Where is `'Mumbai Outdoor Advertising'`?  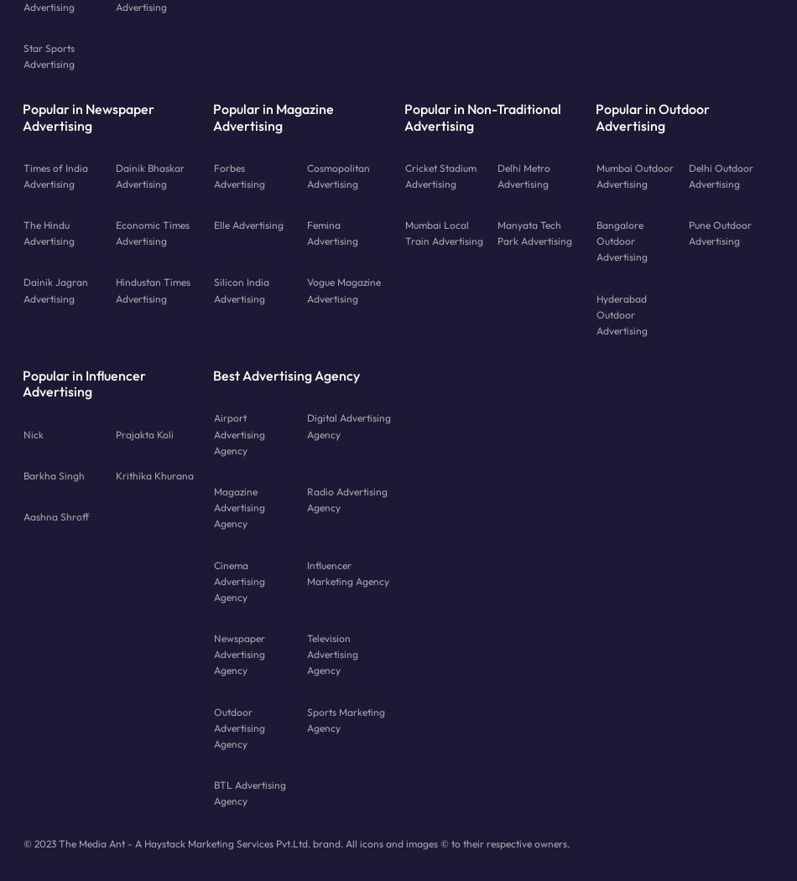
'Mumbai Outdoor Advertising' is located at coordinates (633, 174).